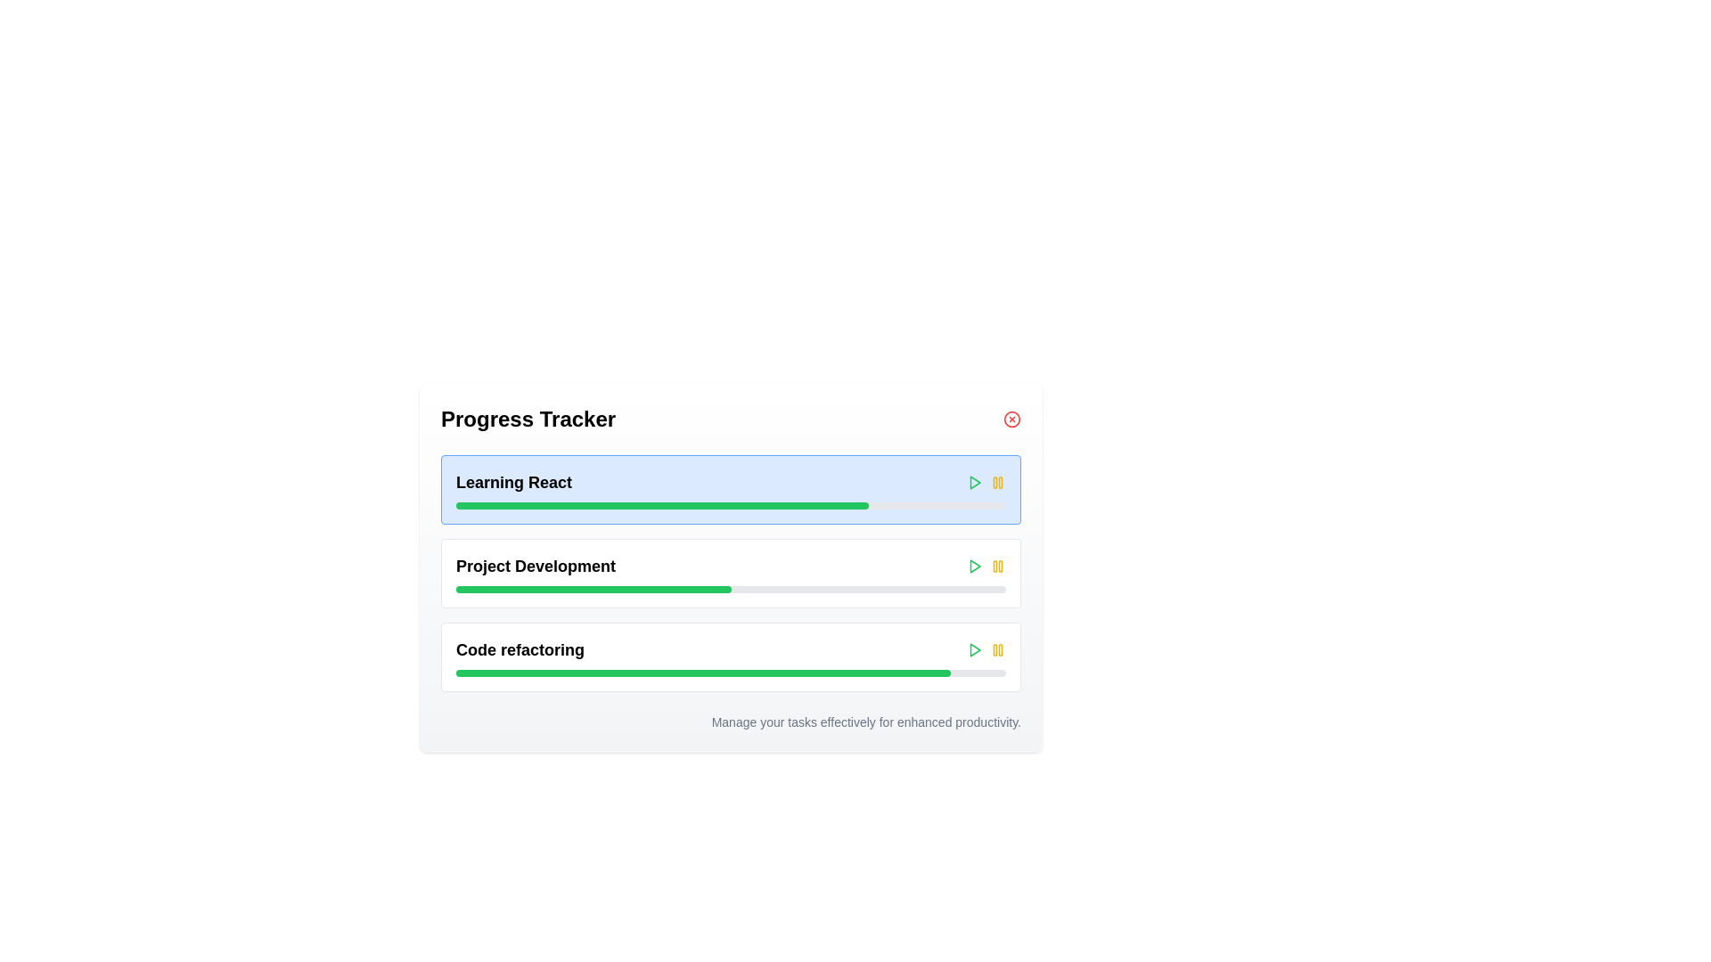 This screenshot has width=1711, height=962. What do you see at coordinates (974, 483) in the screenshot?
I see `the green triangle 'Play' button located to the far right of the 'Learning React' task bar` at bounding box center [974, 483].